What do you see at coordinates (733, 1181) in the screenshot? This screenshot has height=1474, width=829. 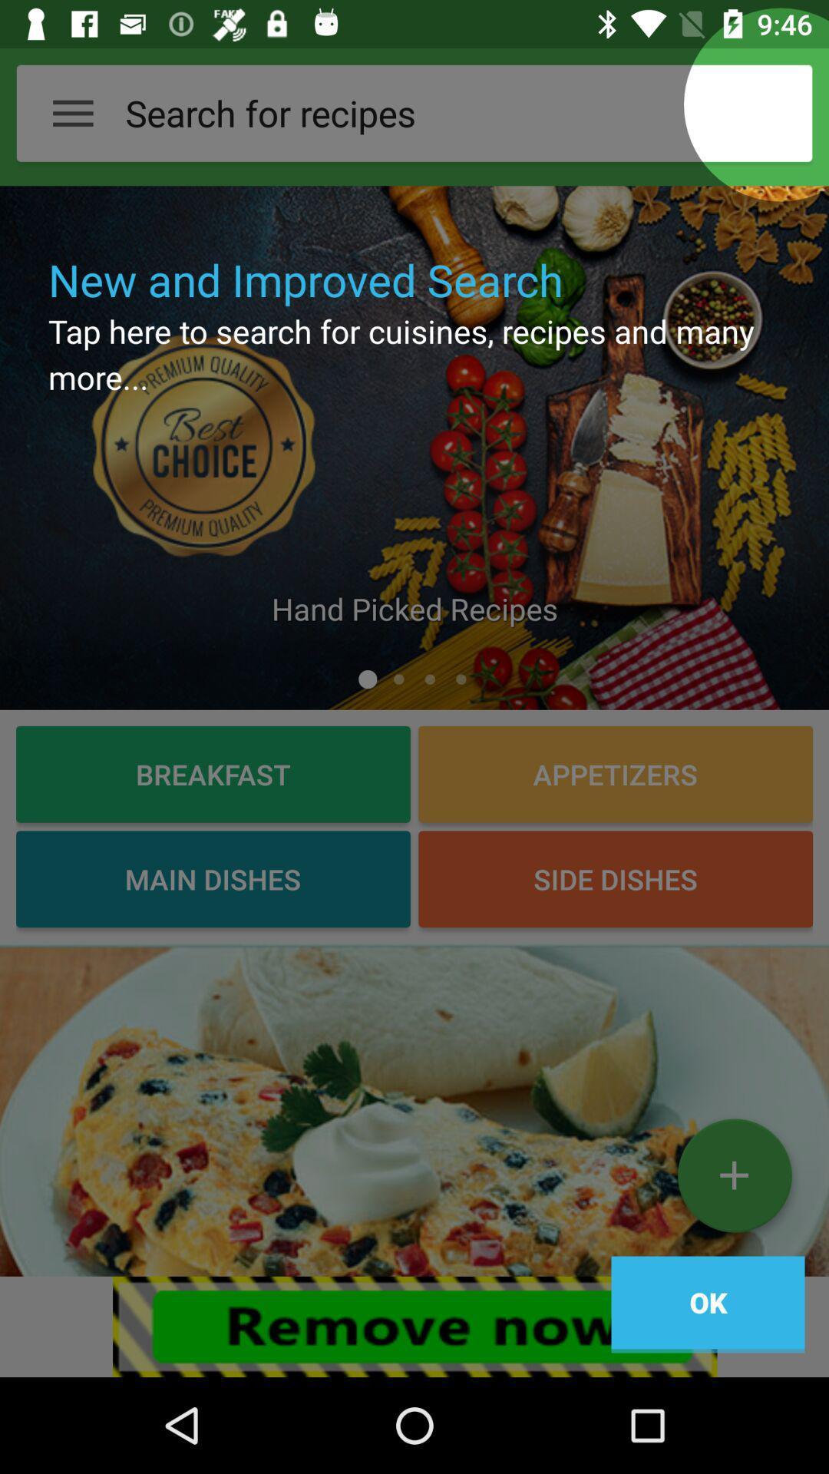 I see `more option` at bounding box center [733, 1181].